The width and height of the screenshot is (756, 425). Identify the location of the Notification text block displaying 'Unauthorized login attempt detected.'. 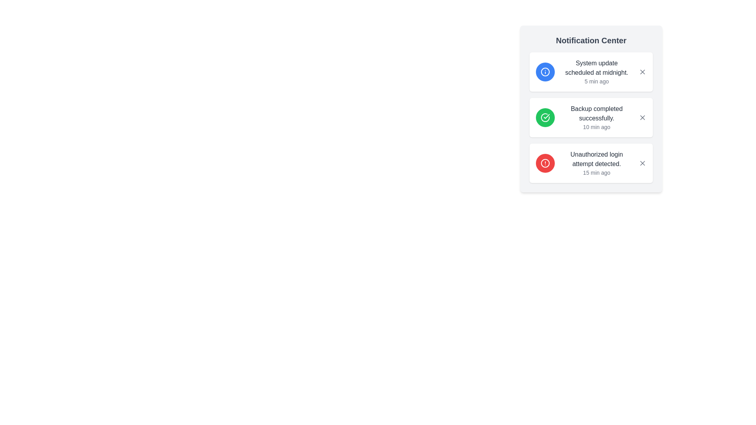
(597, 163).